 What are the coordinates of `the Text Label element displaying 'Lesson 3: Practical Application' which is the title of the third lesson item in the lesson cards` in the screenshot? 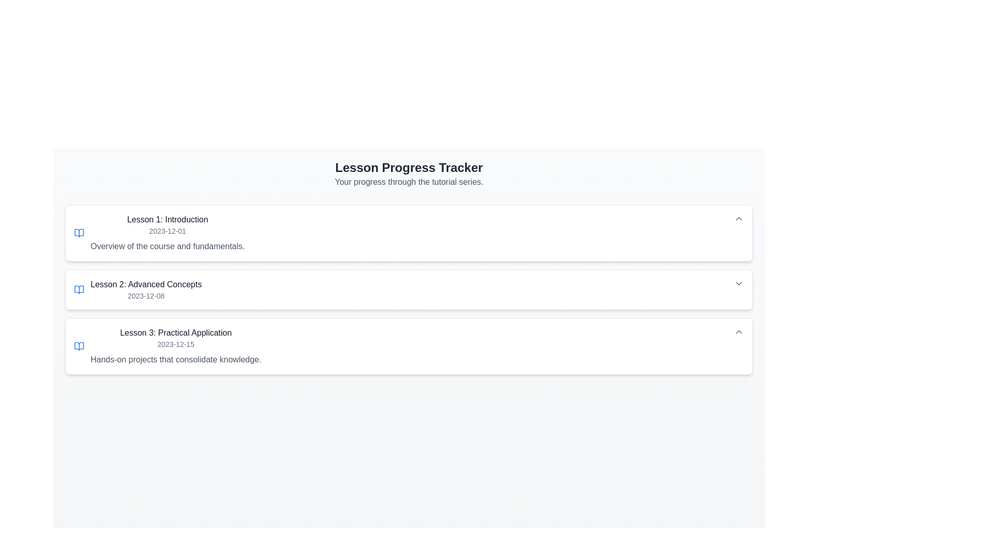 It's located at (175, 333).